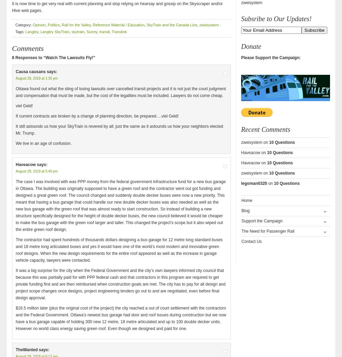 This screenshot has width=342, height=357. What do you see at coordinates (117, 7) in the screenshot?
I see `'It is now time to get very real with current planning and stop relying on hearsay and gossip on the Skyscraper and/or Hive web pages.'` at bounding box center [117, 7].